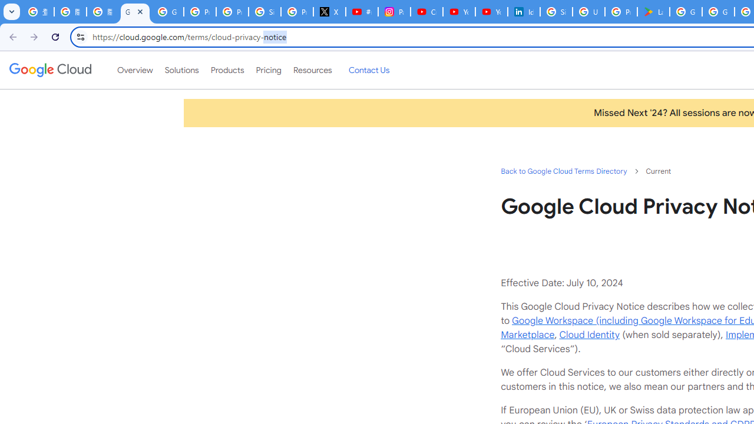 The width and height of the screenshot is (754, 424). Describe the element at coordinates (491, 12) in the screenshot. I see `'YouTube Culture & Trends - YouTube Top 10, 2021'` at that location.